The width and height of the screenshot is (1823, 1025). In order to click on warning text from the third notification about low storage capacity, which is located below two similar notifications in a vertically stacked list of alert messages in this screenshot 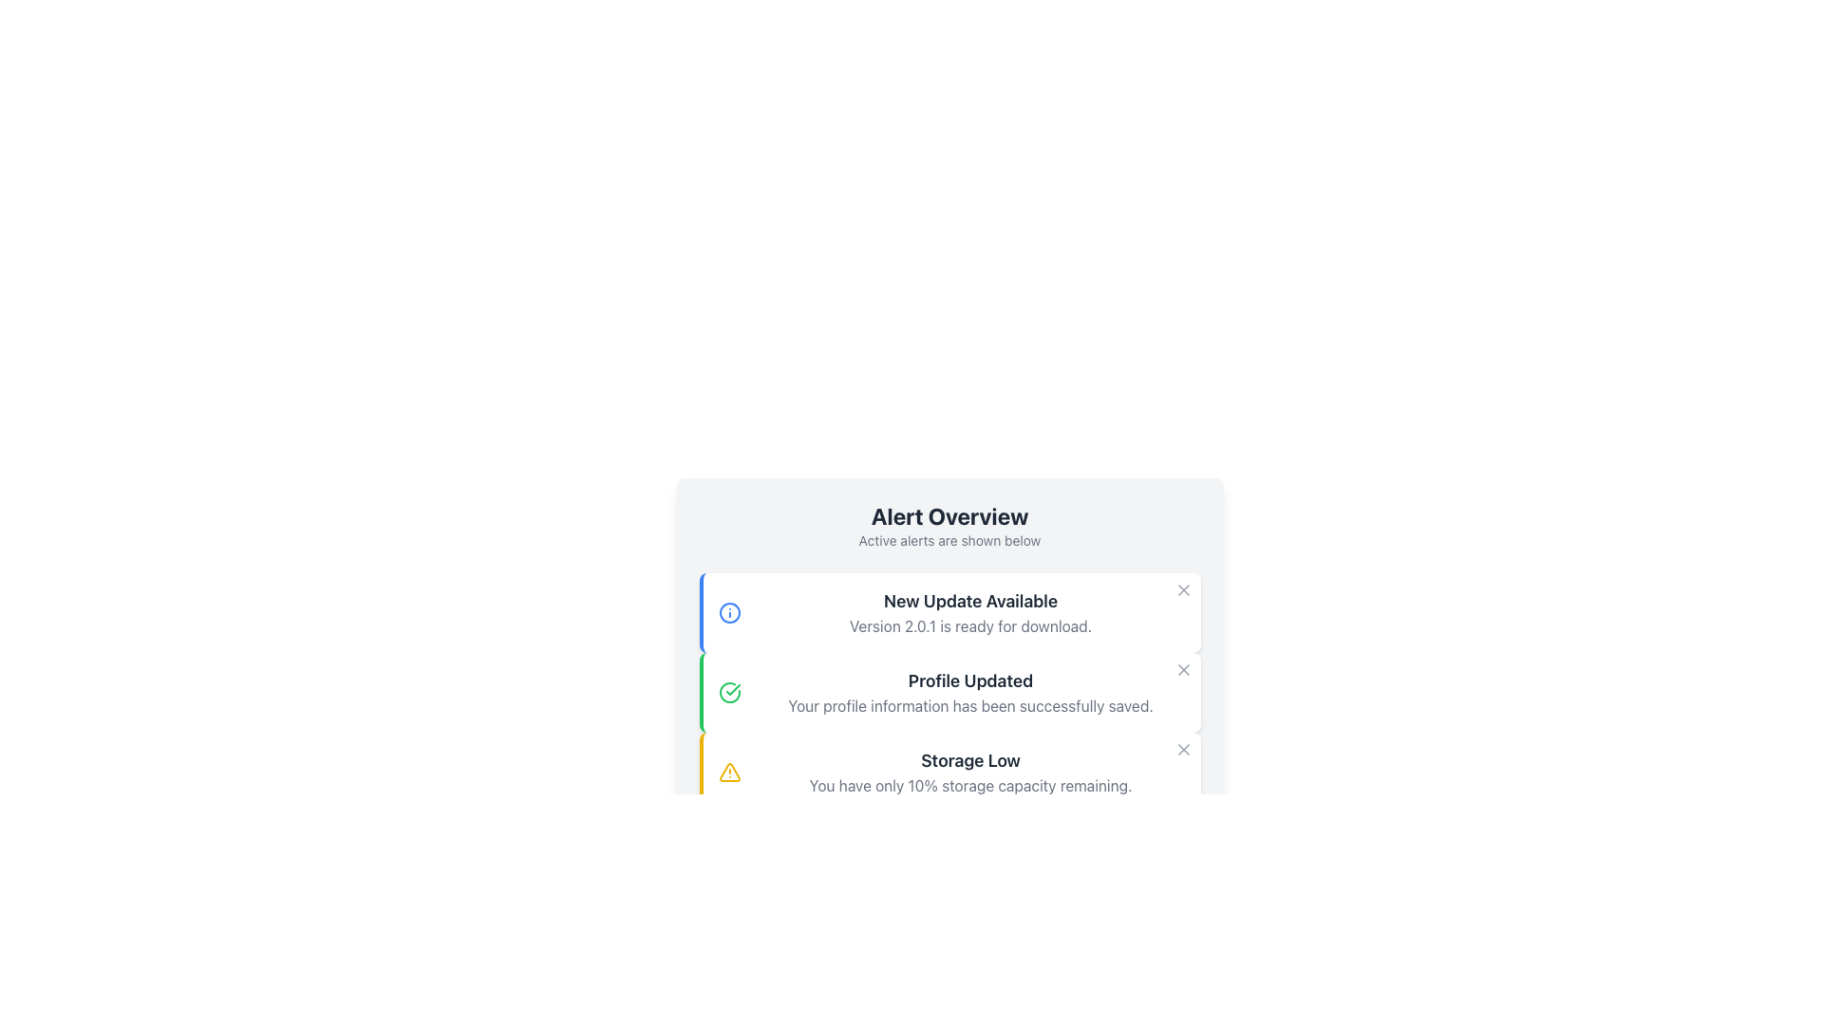, I will do `click(970, 772)`.